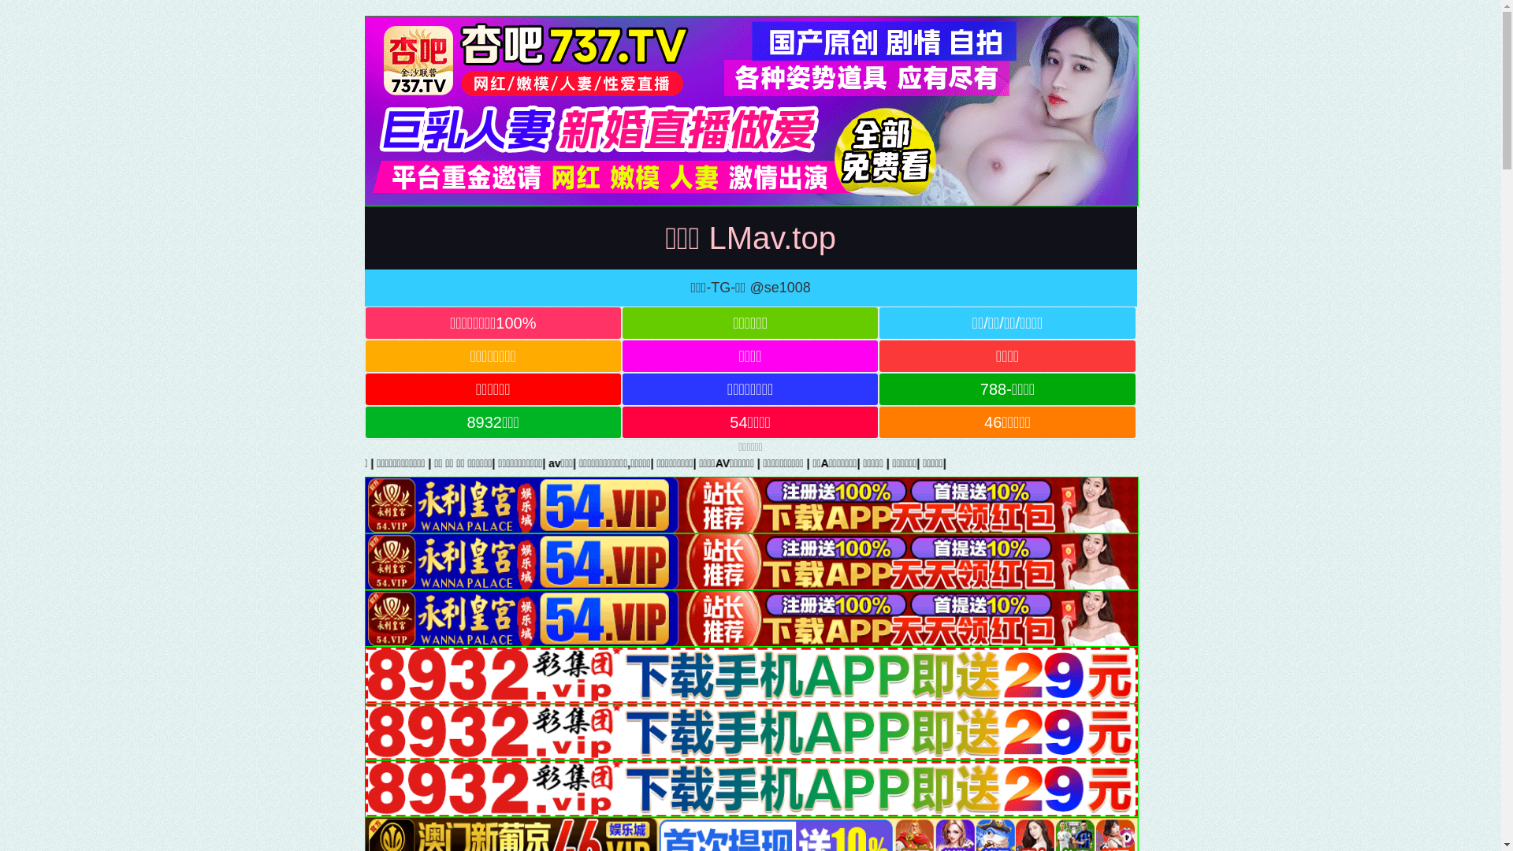  I want to click on '|', so click(976, 462).